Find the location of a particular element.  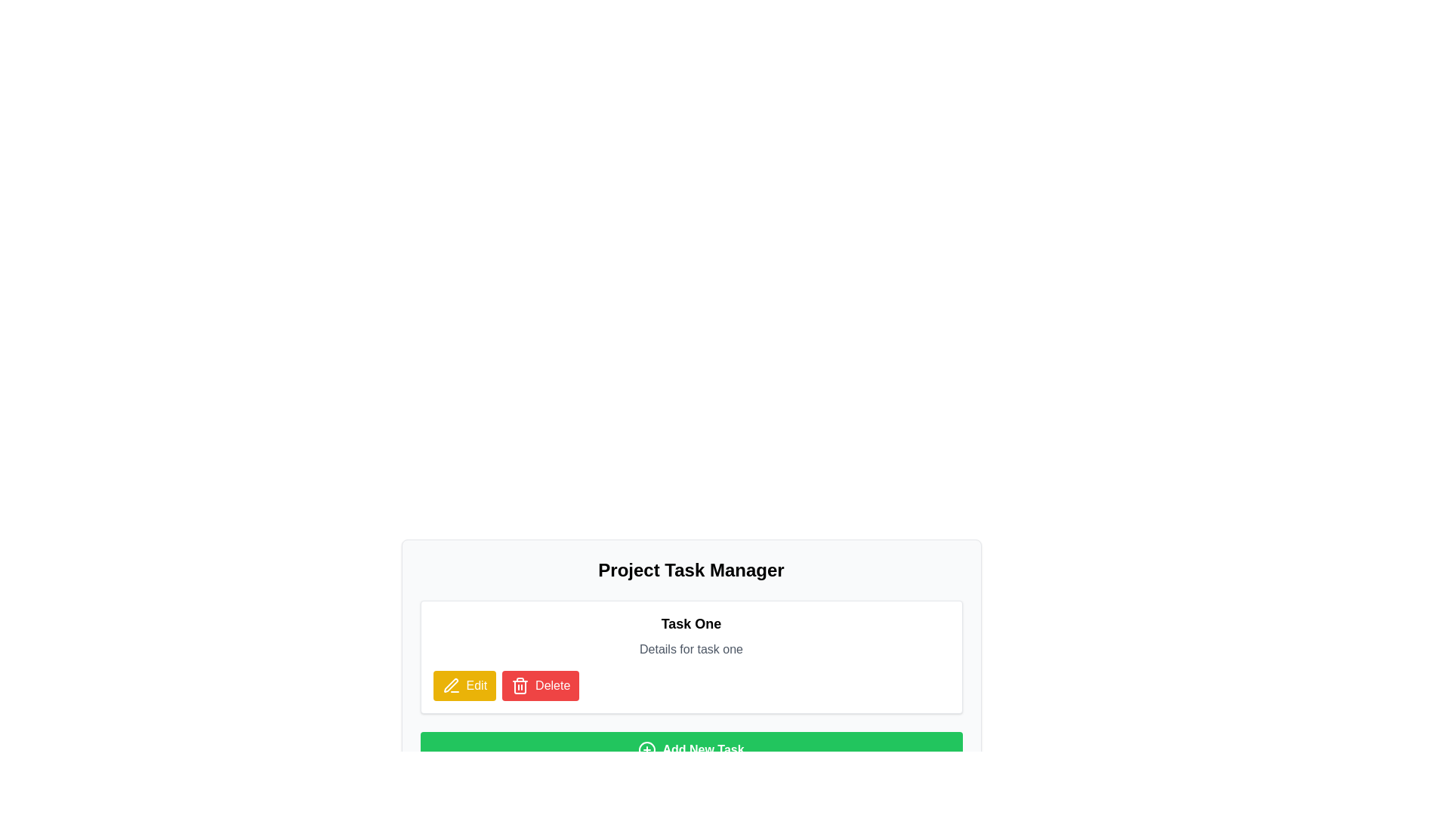

the SVG graphical element representing a 'plus inside a circle', which signifies addition or creation functionalities, located adjacent to the 'Add New Task' button is located at coordinates (647, 750).